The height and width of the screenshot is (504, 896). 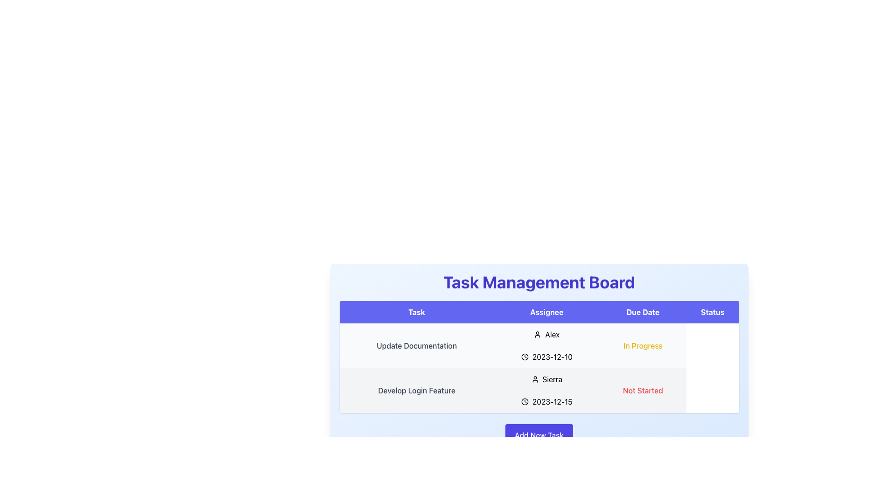 What do you see at coordinates (546, 357) in the screenshot?
I see `the timestamp '2023-12-10' with the clock icon in the task management board, located under the 'Due Date' heading` at bounding box center [546, 357].